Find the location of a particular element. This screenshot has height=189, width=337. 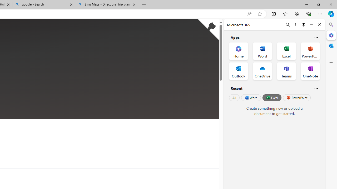

'Excel' is located at coordinates (272, 98).